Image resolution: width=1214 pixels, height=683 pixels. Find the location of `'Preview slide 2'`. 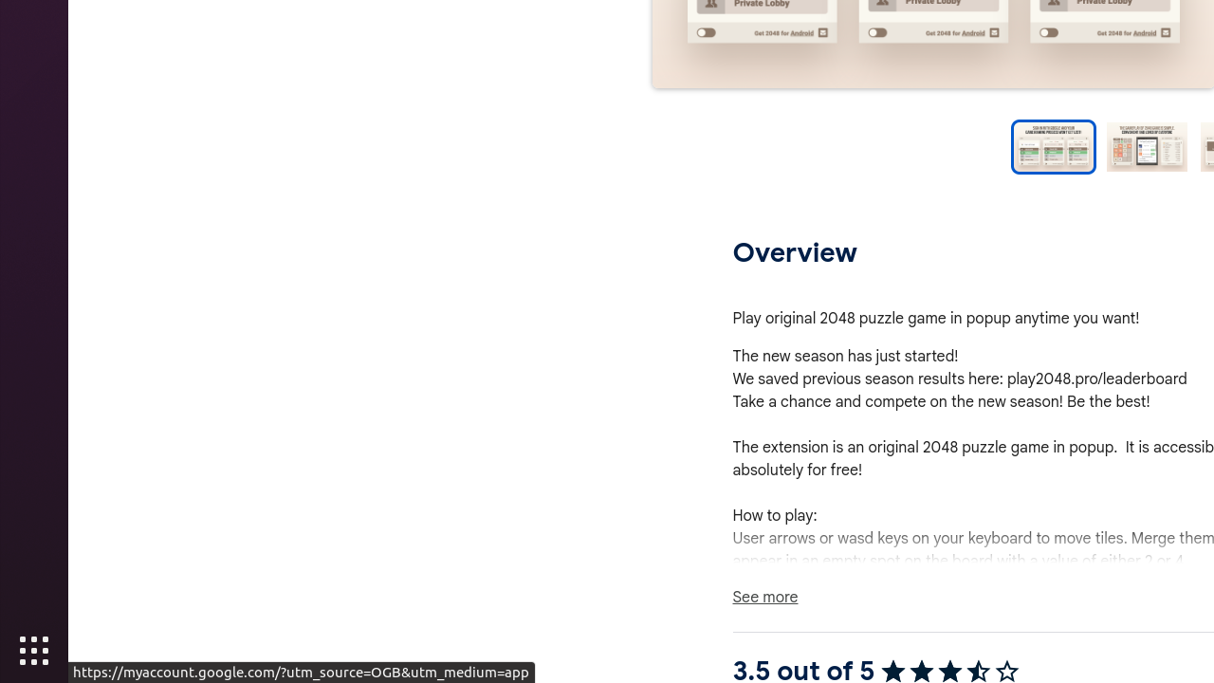

'Preview slide 2' is located at coordinates (1146, 146).